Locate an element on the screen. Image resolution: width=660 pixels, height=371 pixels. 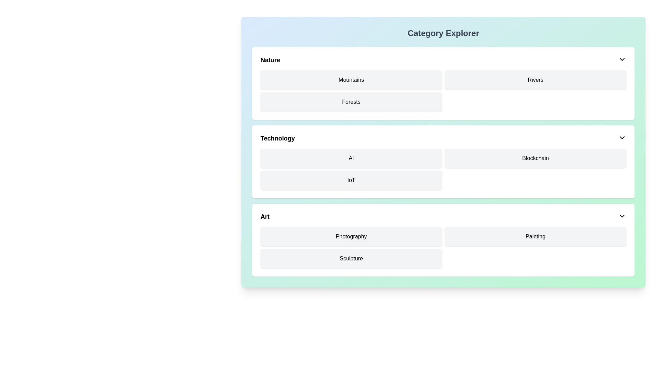
the 'AI' category label in the top-left corner of the grid under the 'Technology' section is located at coordinates (351, 158).